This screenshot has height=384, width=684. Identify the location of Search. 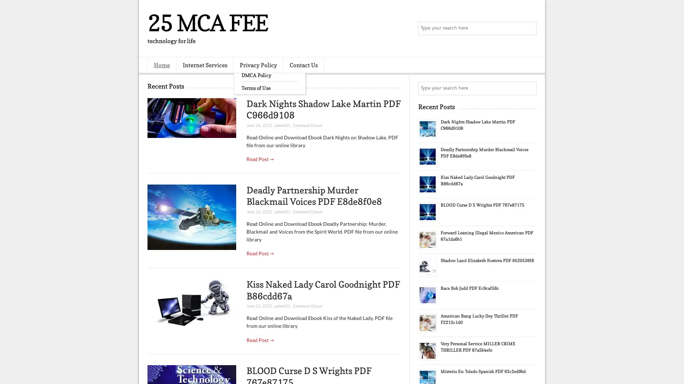
(529, 88).